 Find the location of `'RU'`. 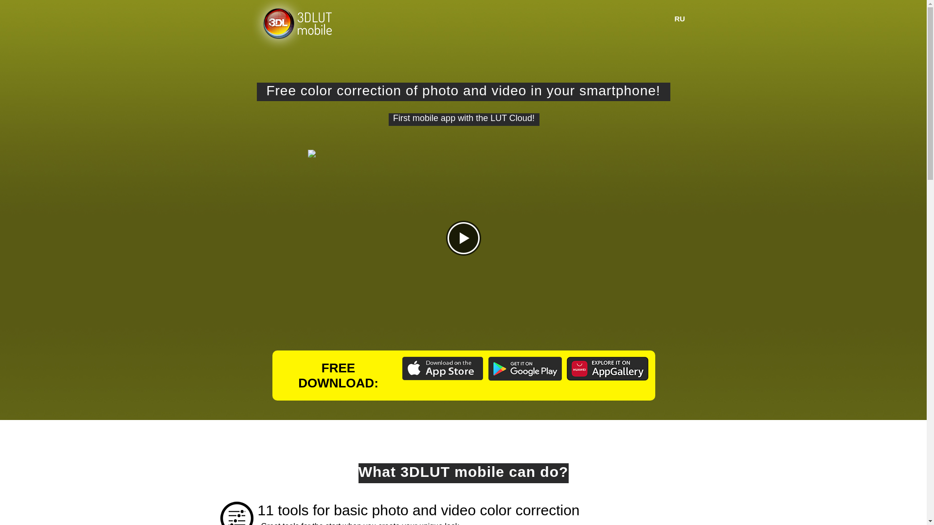

'RU' is located at coordinates (679, 18).